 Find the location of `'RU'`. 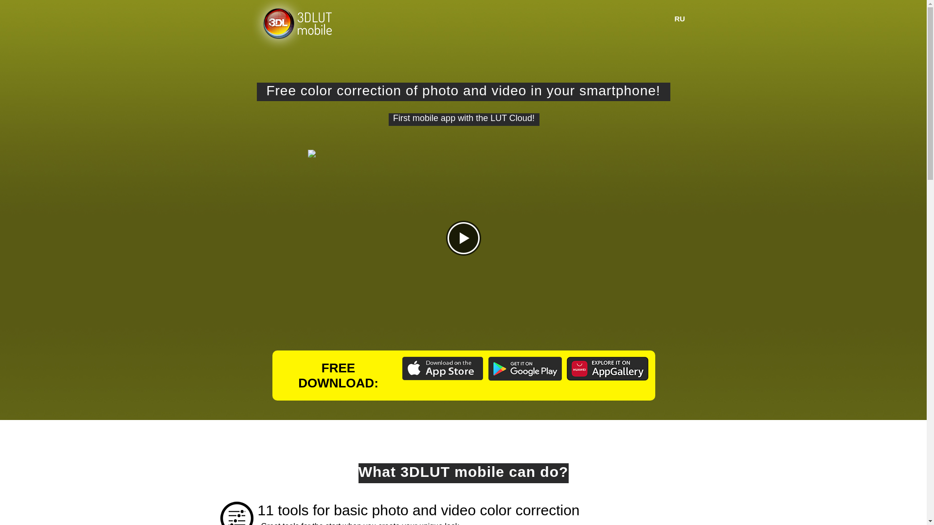

'RU' is located at coordinates (679, 18).